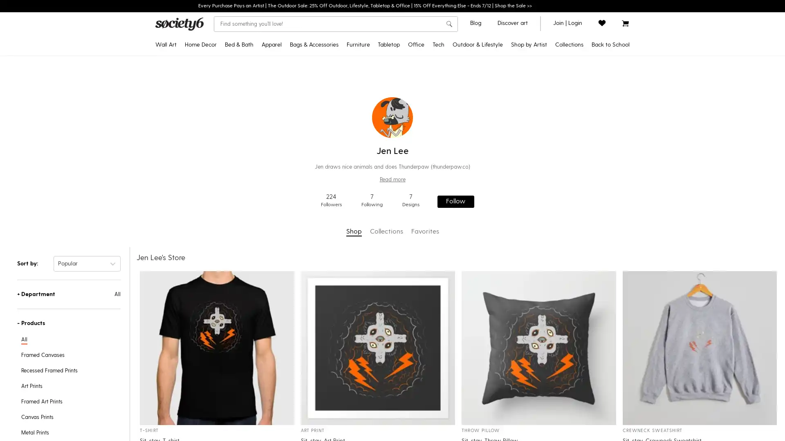  What do you see at coordinates (192, 210) in the screenshot?
I see `Mini Art Prints` at bounding box center [192, 210].